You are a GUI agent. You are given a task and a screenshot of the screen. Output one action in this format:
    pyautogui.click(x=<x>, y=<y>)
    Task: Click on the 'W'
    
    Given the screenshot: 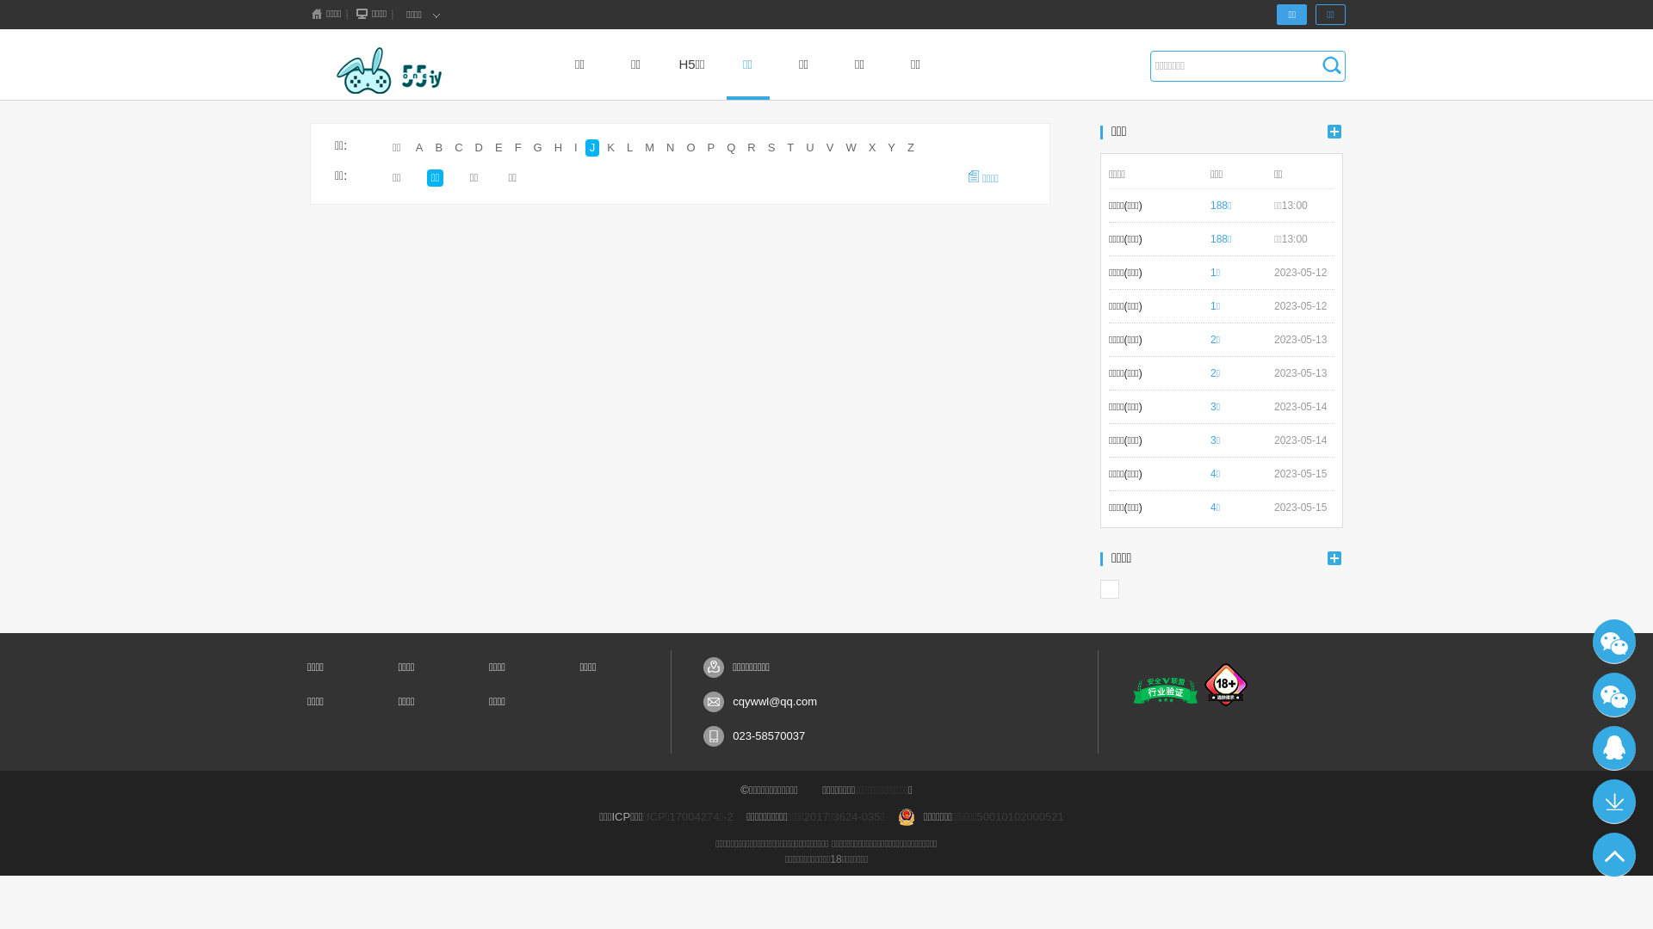 What is the action you would take?
    pyautogui.click(x=851, y=147)
    